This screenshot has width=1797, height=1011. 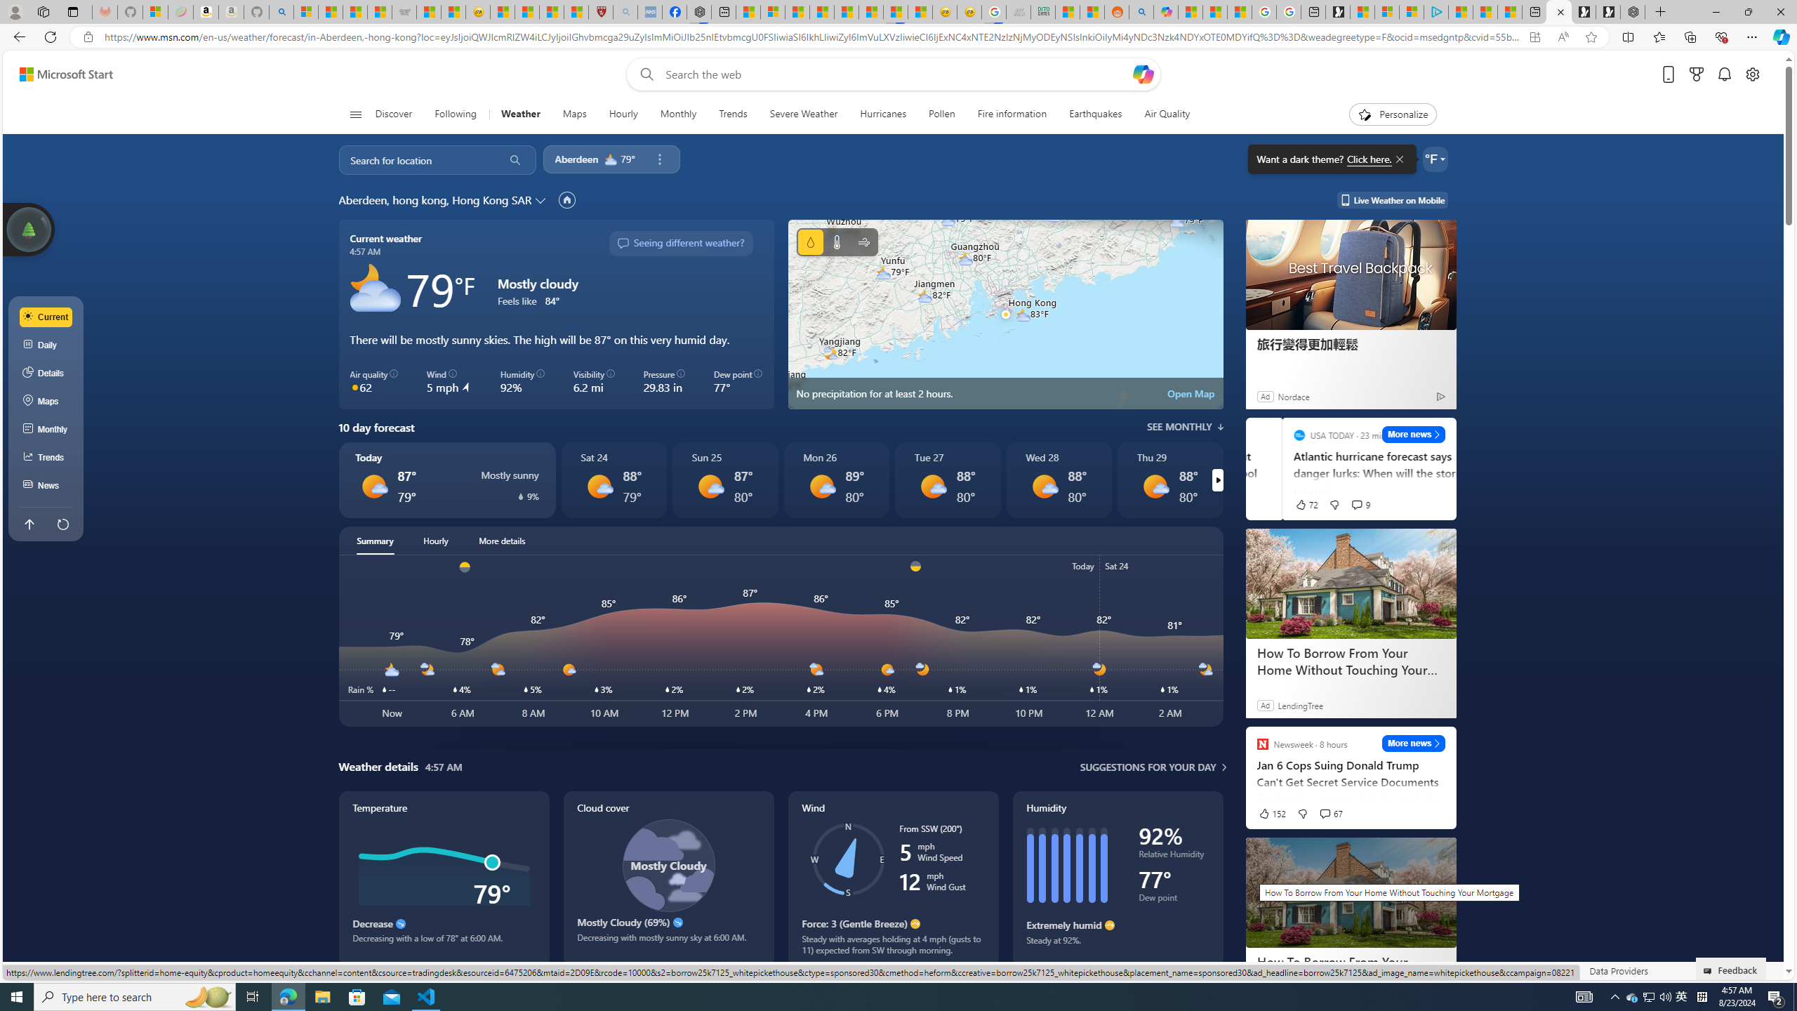 What do you see at coordinates (354, 114) in the screenshot?
I see `'Class: button-glyph'` at bounding box center [354, 114].